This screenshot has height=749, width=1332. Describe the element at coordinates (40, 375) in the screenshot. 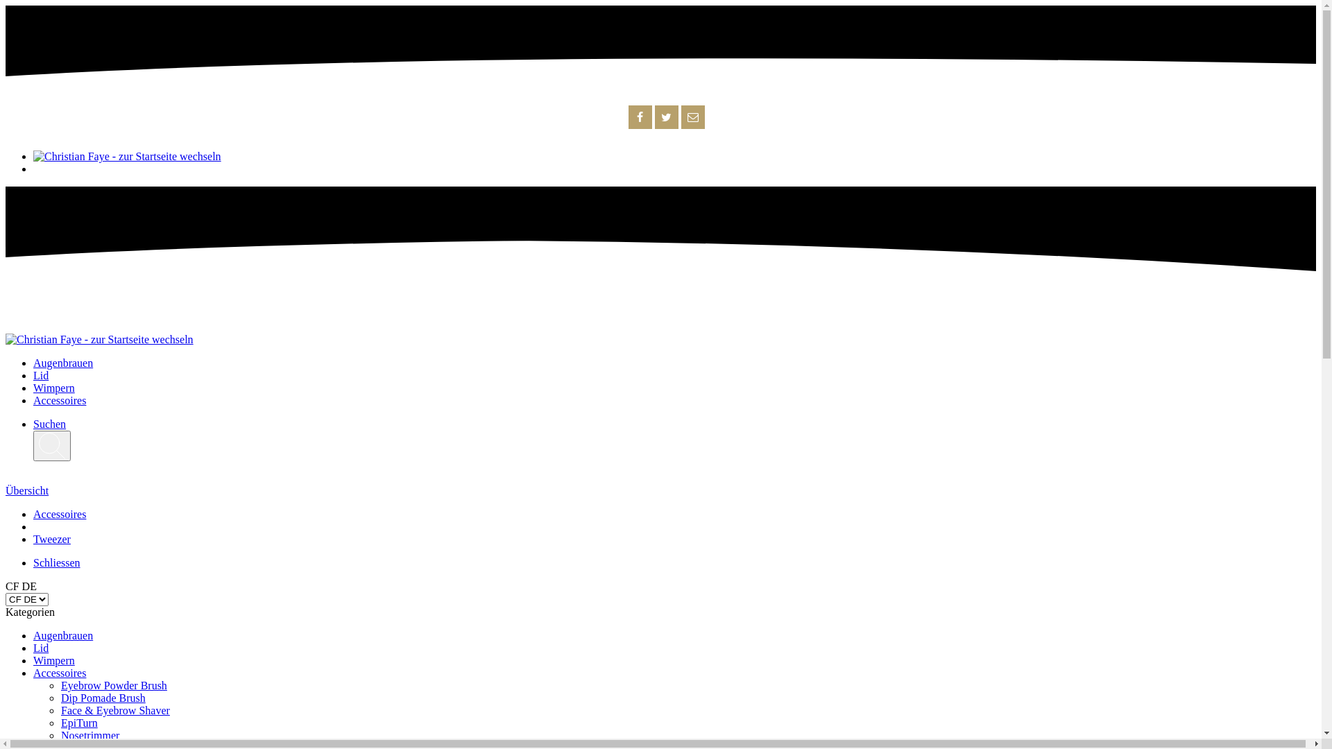

I see `'Lid'` at that location.